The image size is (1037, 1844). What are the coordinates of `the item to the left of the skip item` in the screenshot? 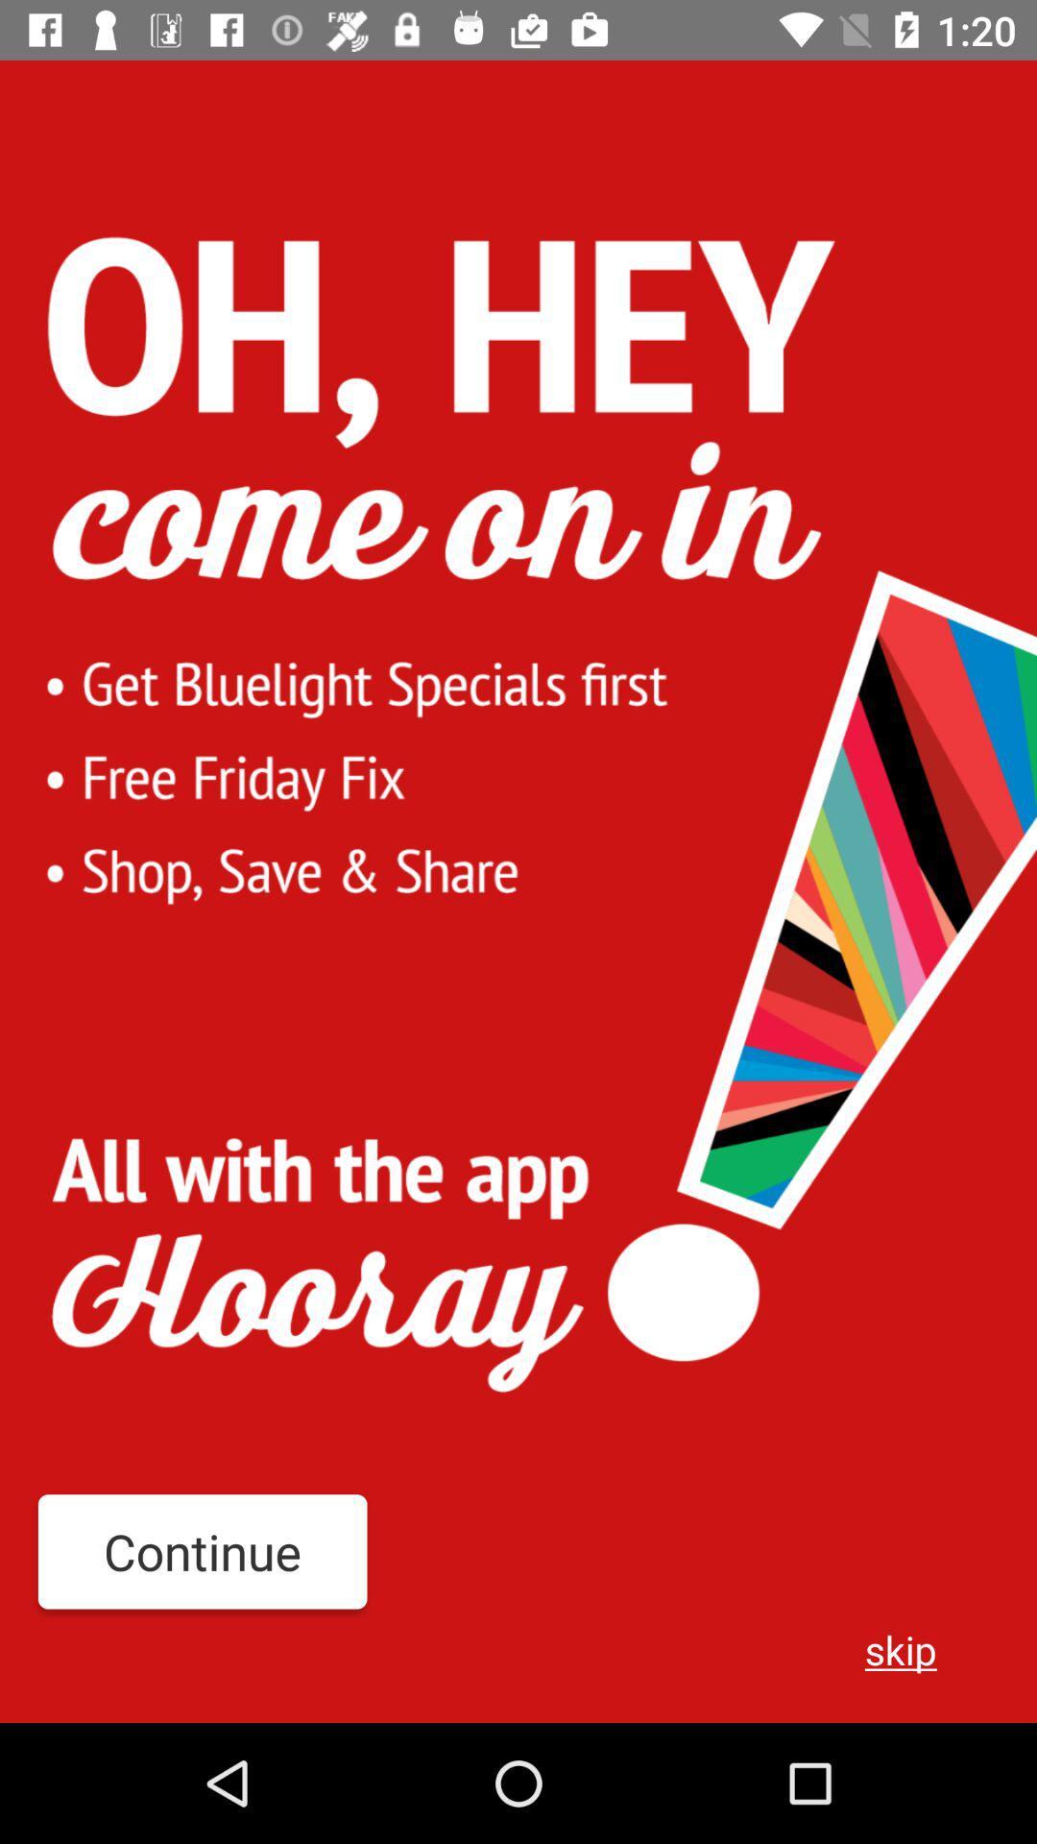 It's located at (203, 1551).